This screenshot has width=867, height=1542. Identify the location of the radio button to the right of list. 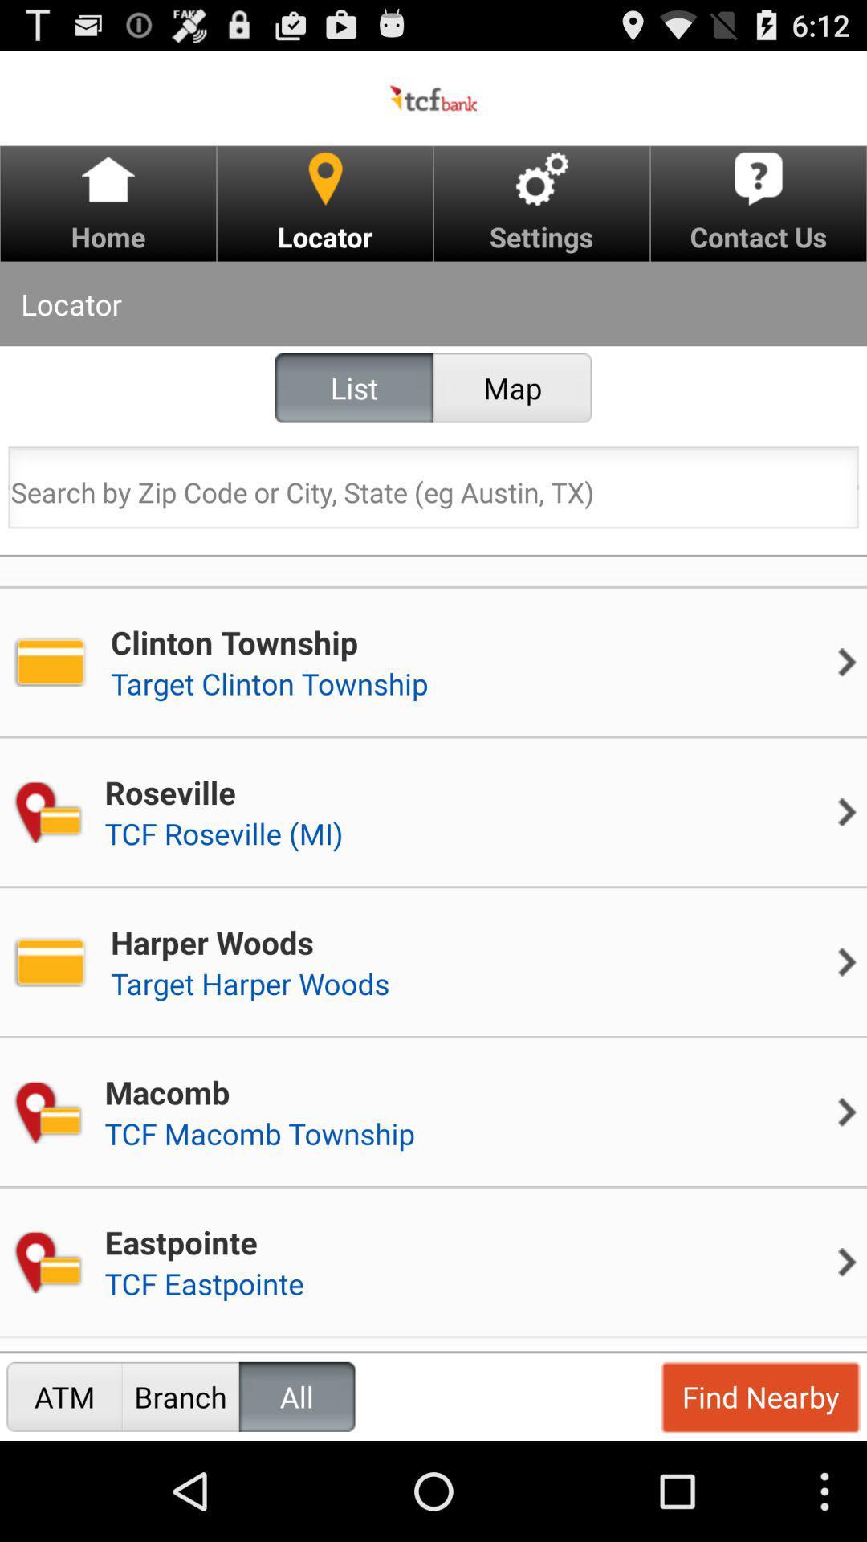
(512, 388).